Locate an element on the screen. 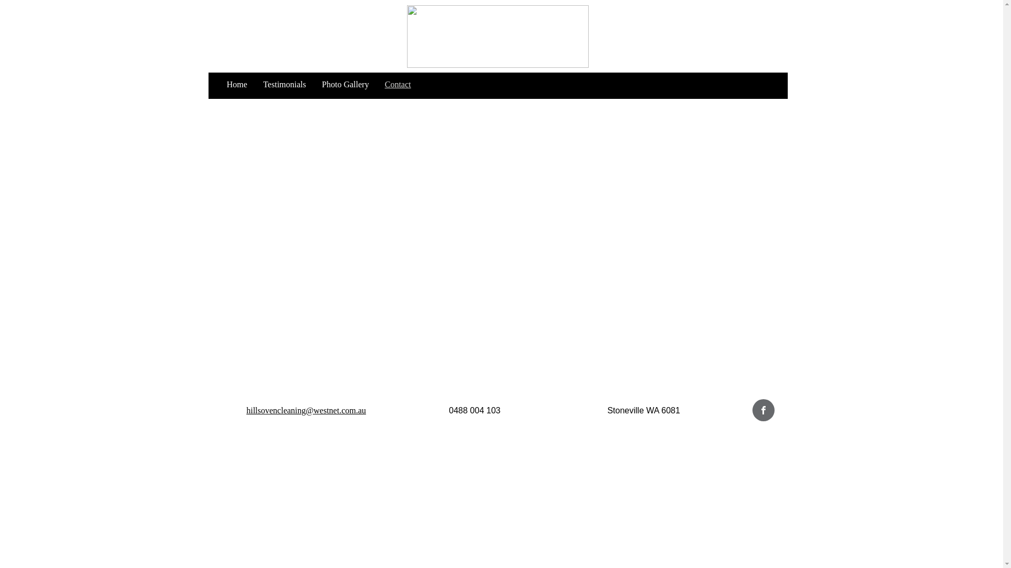 The image size is (1011, 568). 'Contact' is located at coordinates (398, 84).